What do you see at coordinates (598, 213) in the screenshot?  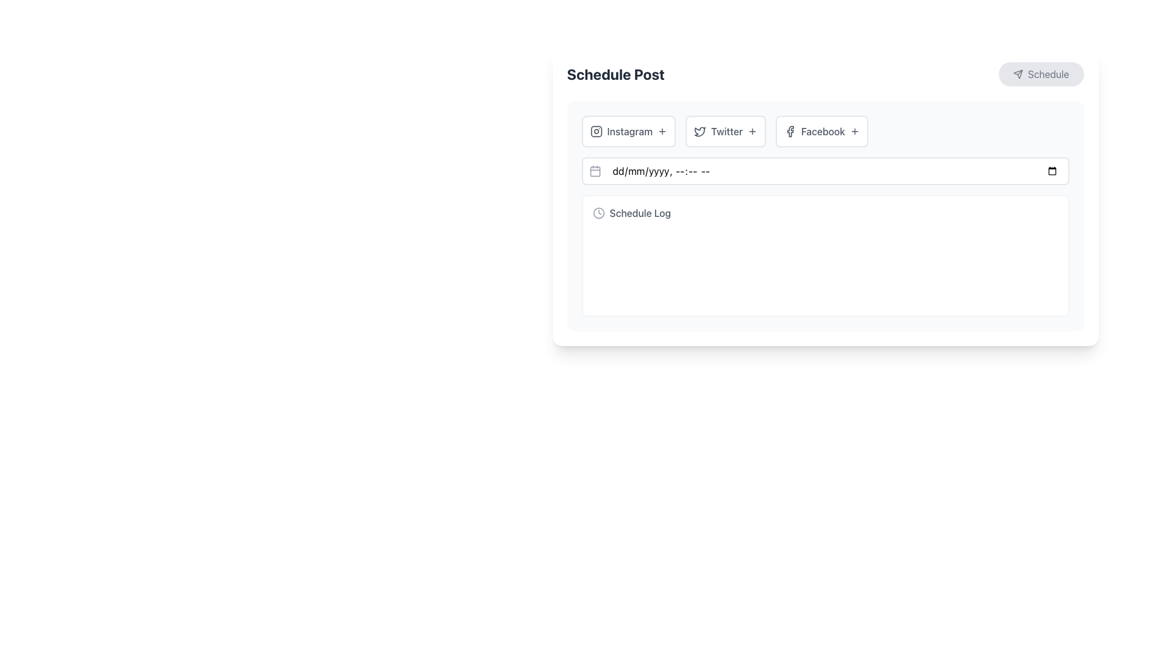 I see `the circular clock face icon located to the left of the 'Schedule Log' title in the log section's header` at bounding box center [598, 213].